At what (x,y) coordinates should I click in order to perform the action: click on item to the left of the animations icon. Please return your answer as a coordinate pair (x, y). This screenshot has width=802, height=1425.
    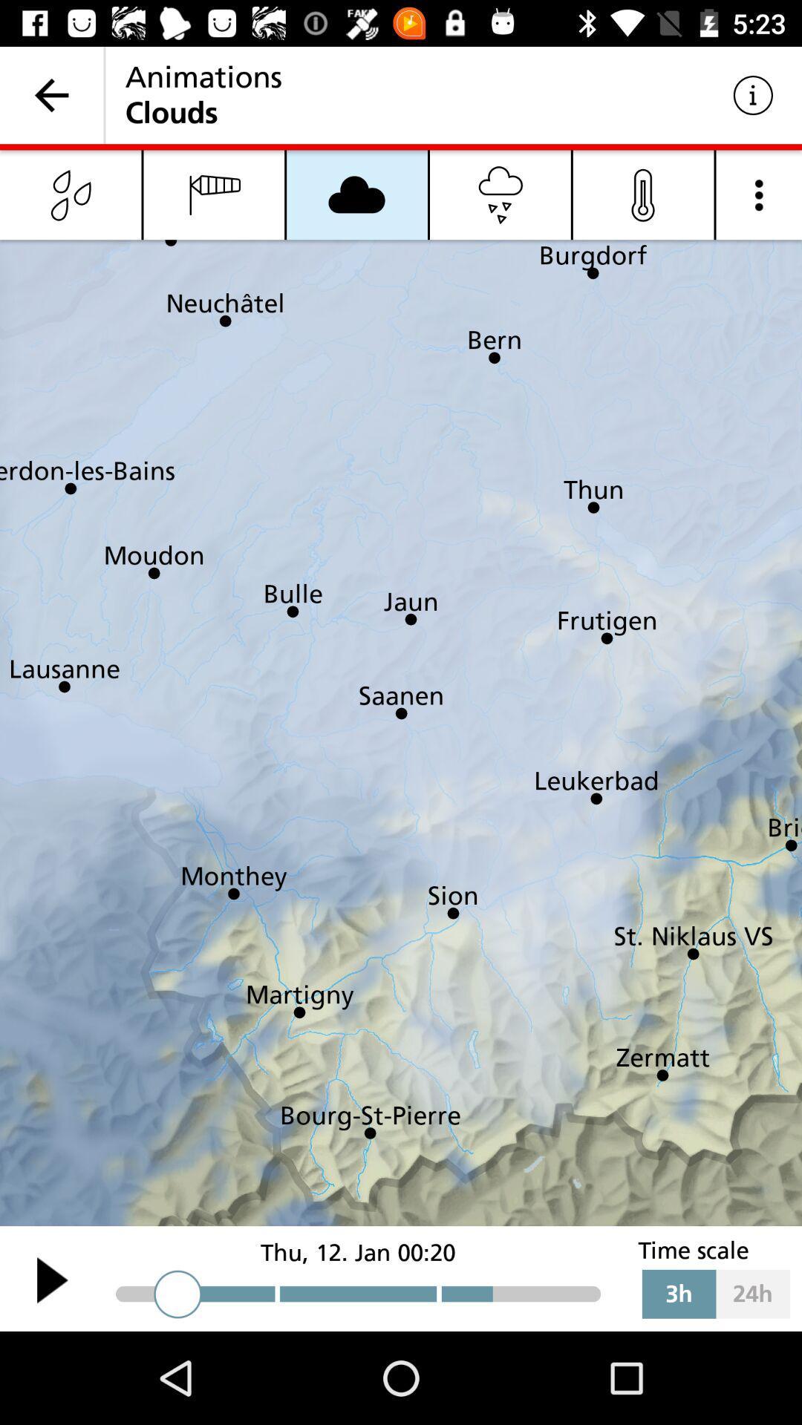
    Looking at the image, I should click on (50, 94).